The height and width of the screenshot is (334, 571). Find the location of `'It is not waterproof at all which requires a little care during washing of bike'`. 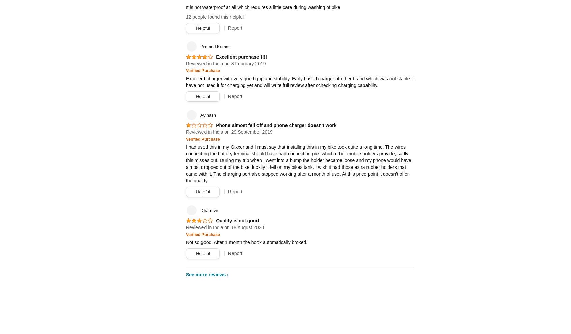

'It is not waterproof at all which requires a little care during washing of bike' is located at coordinates (263, 7).